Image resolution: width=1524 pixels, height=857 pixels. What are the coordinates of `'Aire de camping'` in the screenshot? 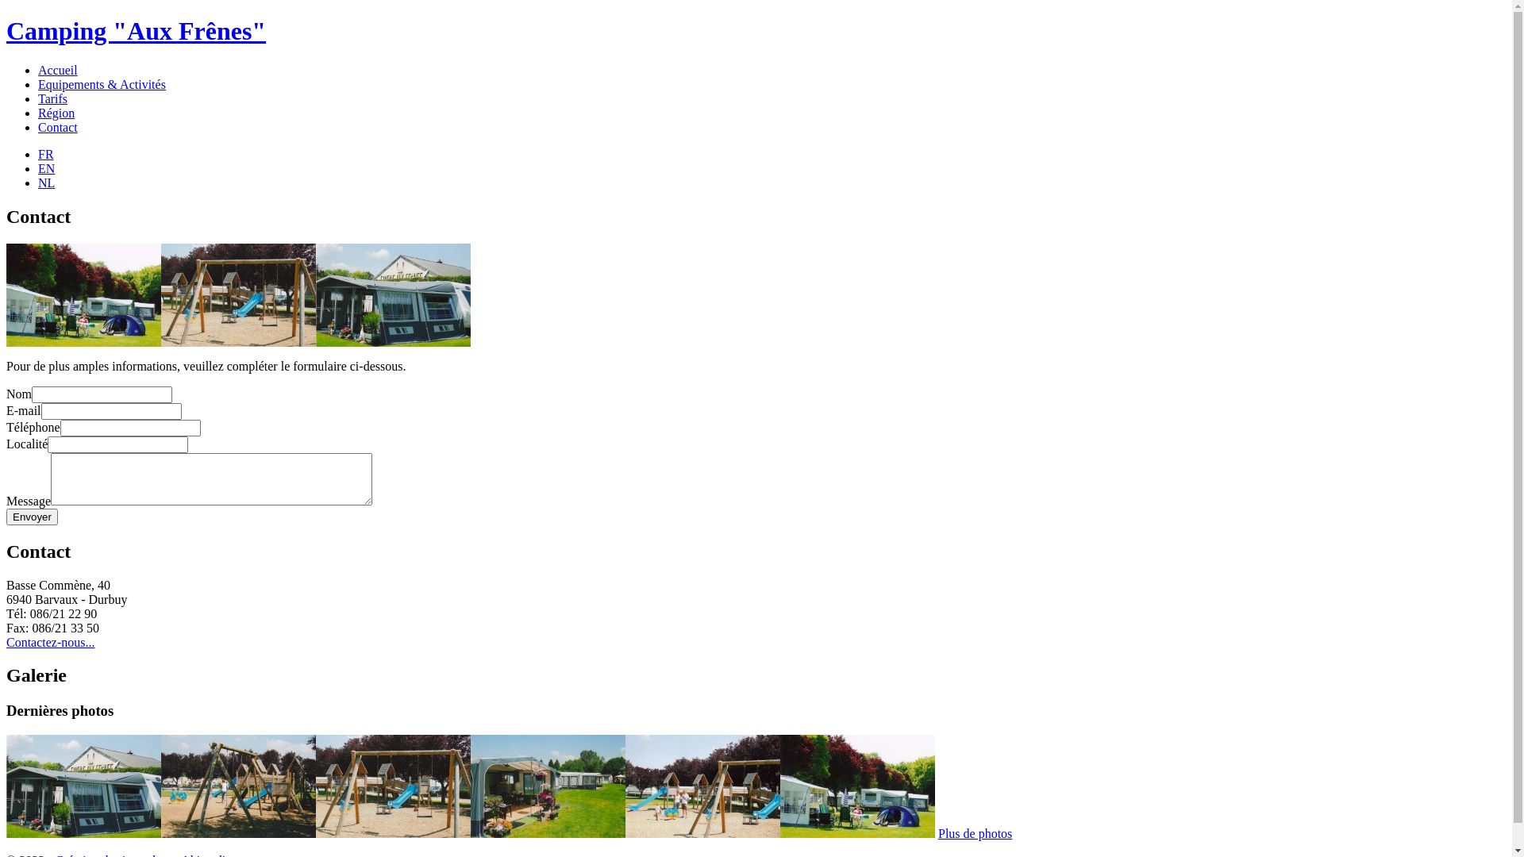 It's located at (393, 341).